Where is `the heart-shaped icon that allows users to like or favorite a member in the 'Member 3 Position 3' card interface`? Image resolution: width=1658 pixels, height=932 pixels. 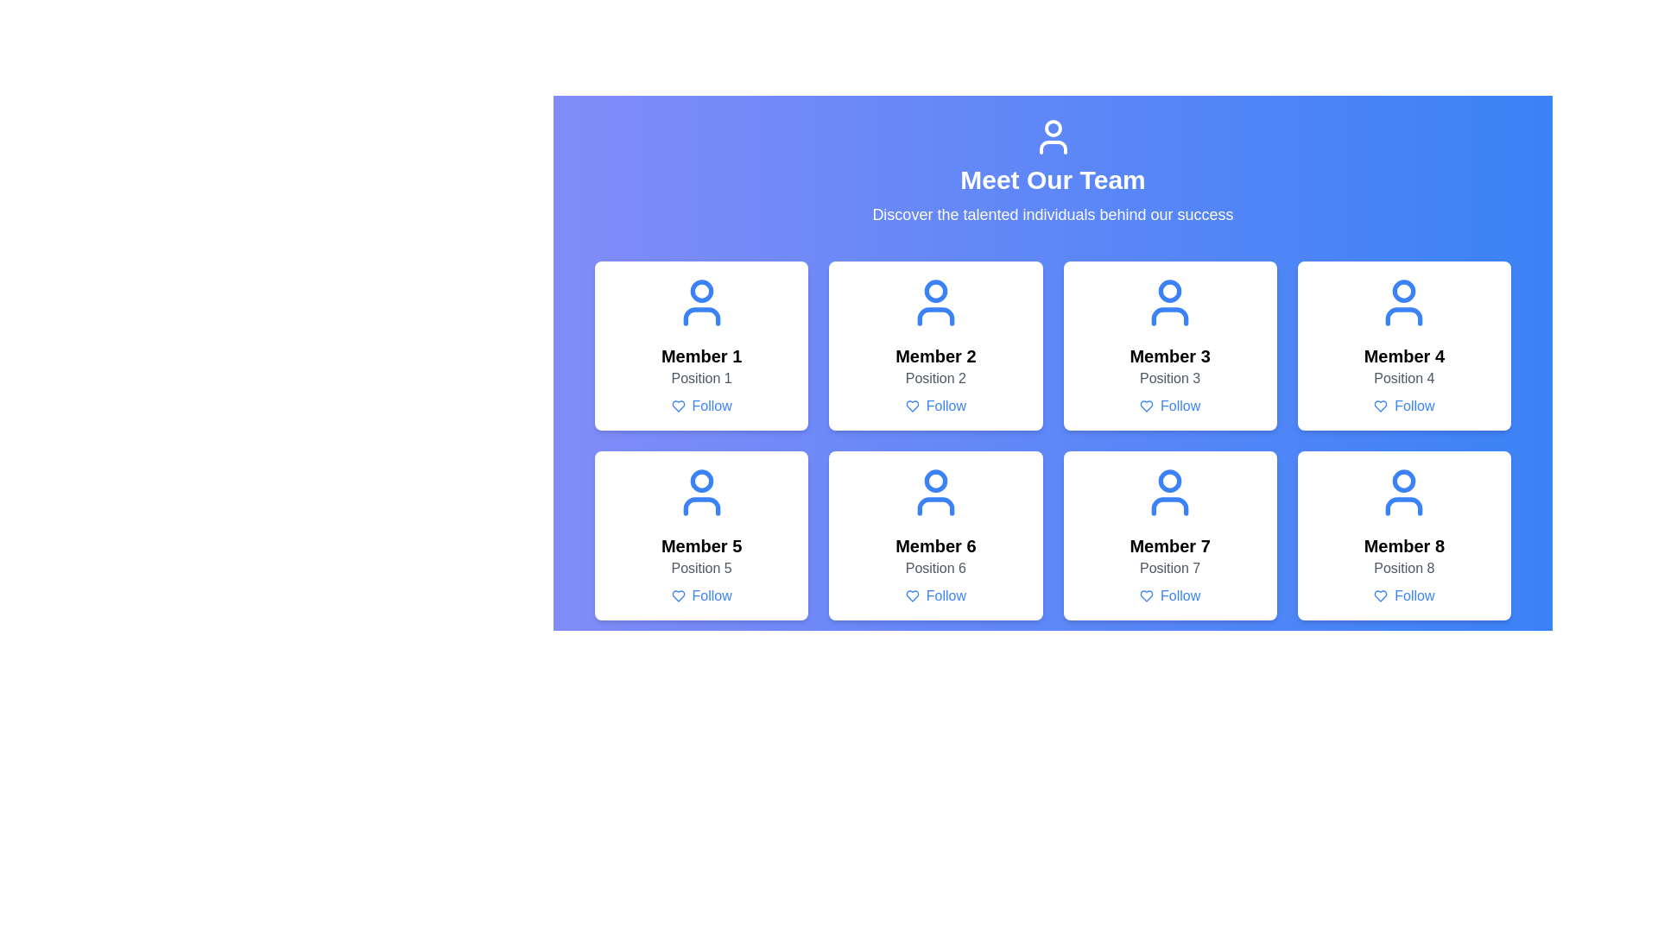 the heart-shaped icon that allows users to like or favorite a member in the 'Member 3 Position 3' card interface is located at coordinates (1147, 406).